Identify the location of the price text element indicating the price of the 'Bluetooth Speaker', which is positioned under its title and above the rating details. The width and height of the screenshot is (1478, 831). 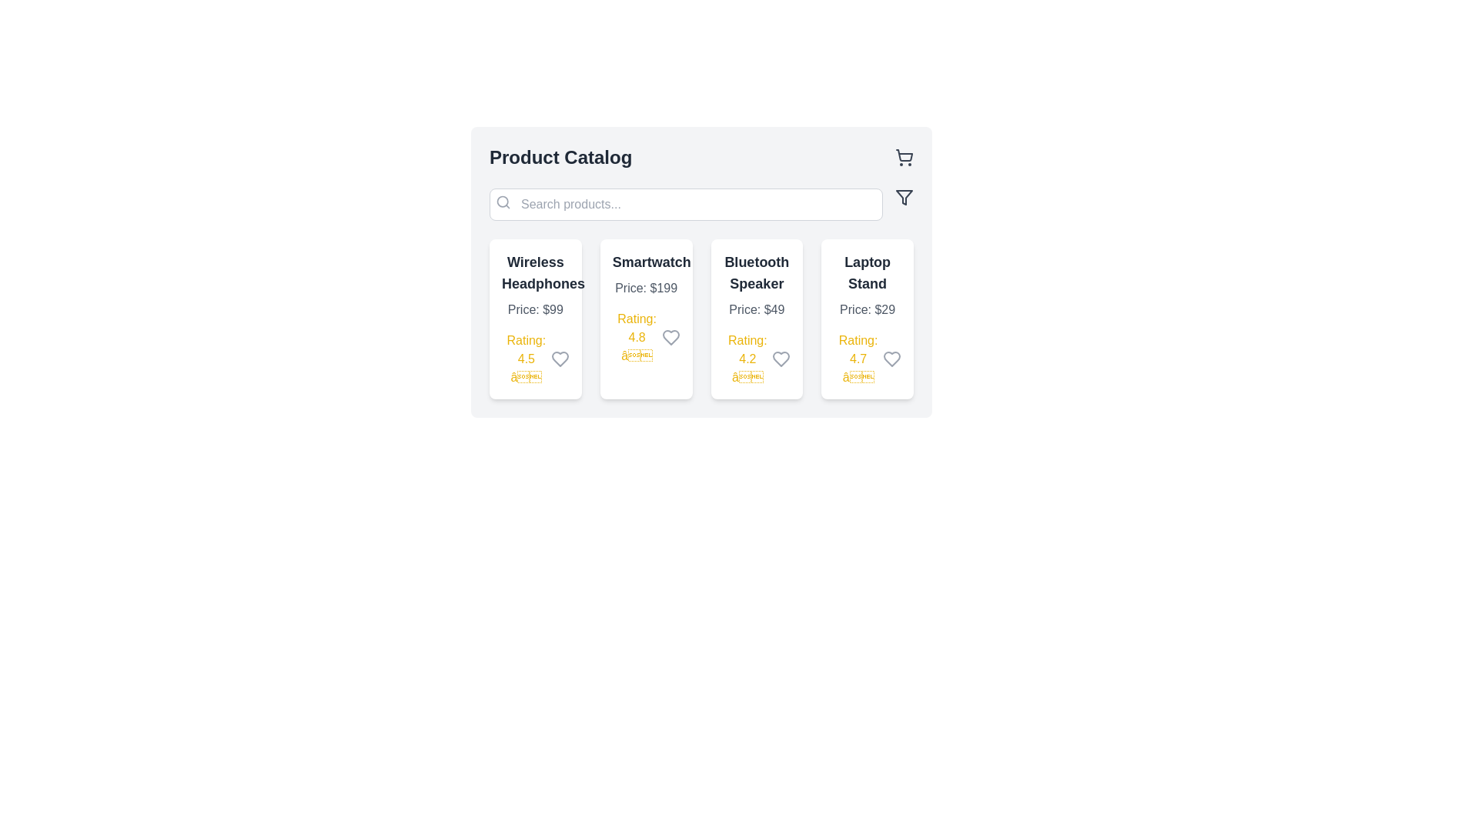
(757, 309).